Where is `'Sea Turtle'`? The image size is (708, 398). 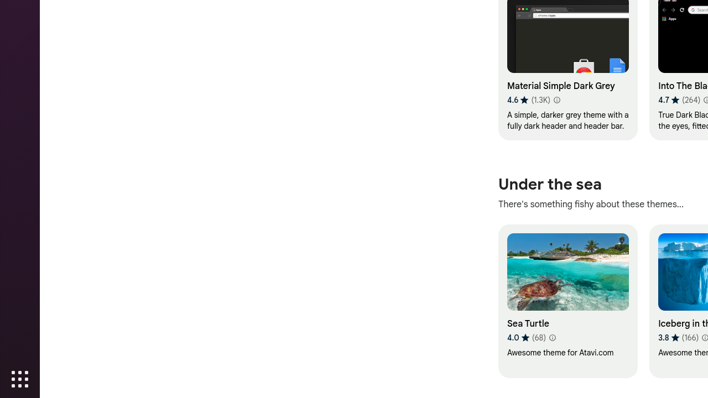
'Sea Turtle' is located at coordinates (568, 301).